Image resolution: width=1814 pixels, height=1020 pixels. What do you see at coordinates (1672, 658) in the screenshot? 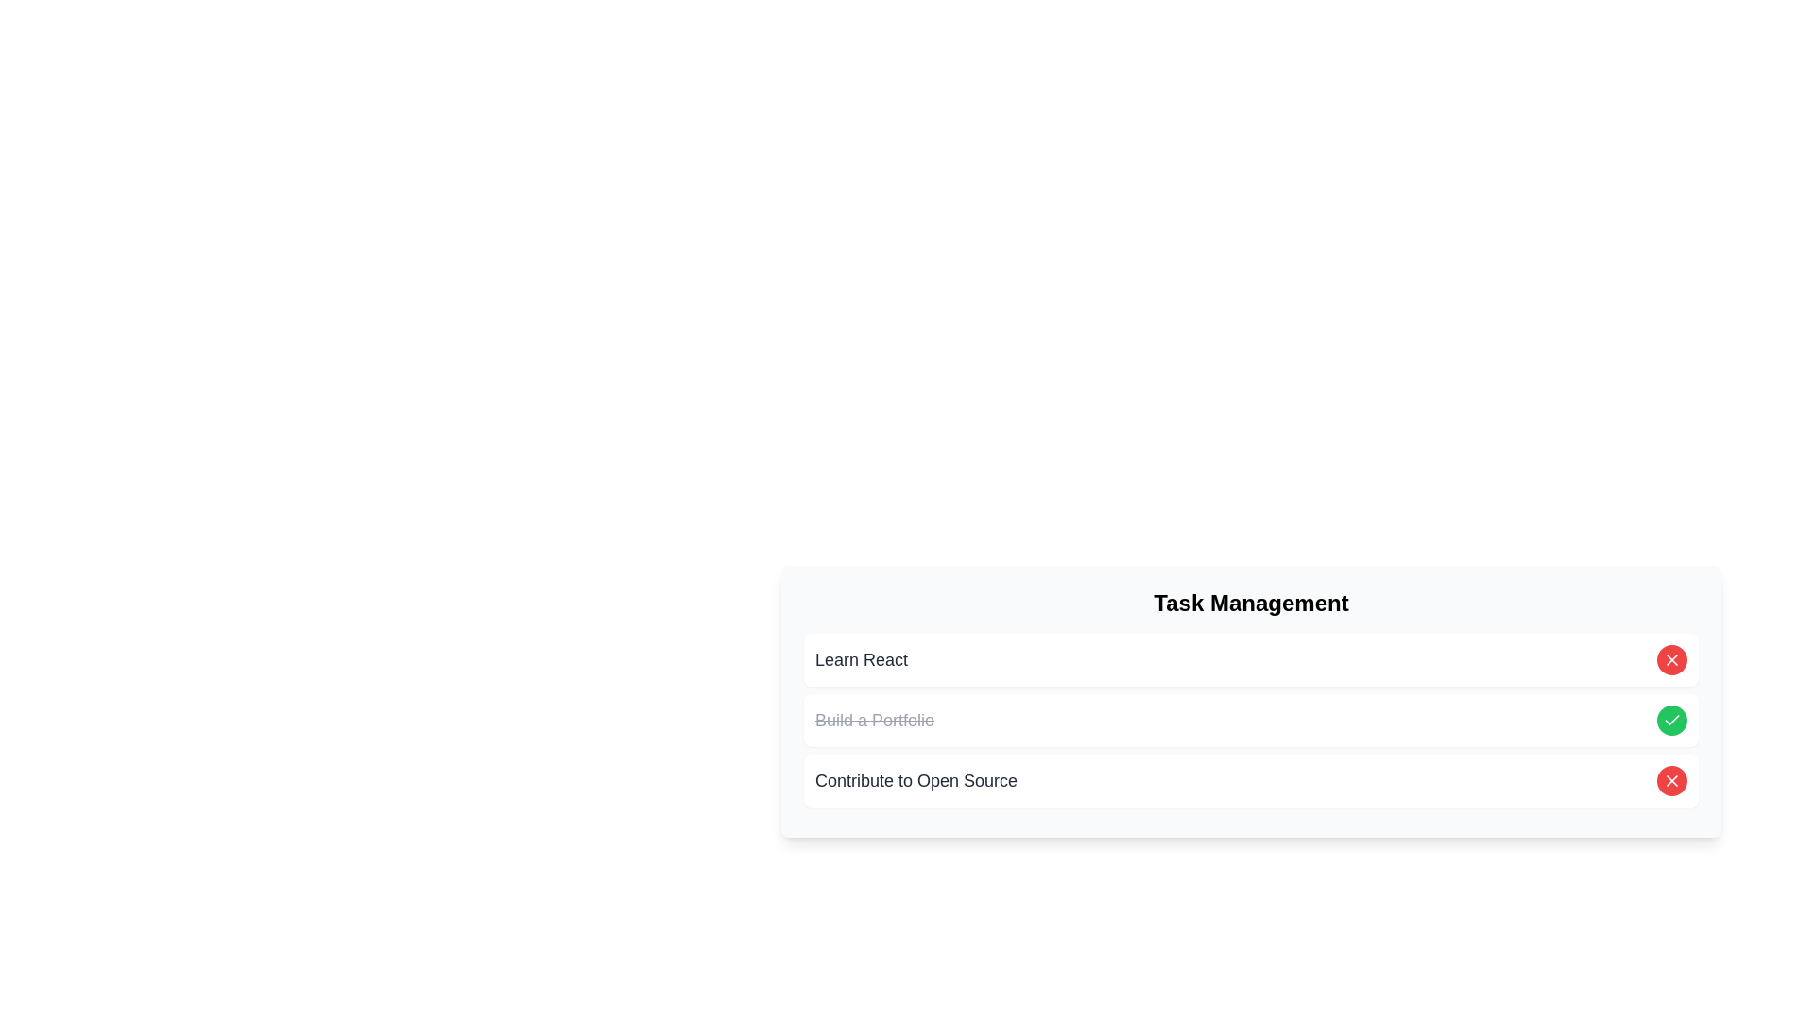
I see `the diagonal cross-shaped button located in the third task item of the task management list` at bounding box center [1672, 658].